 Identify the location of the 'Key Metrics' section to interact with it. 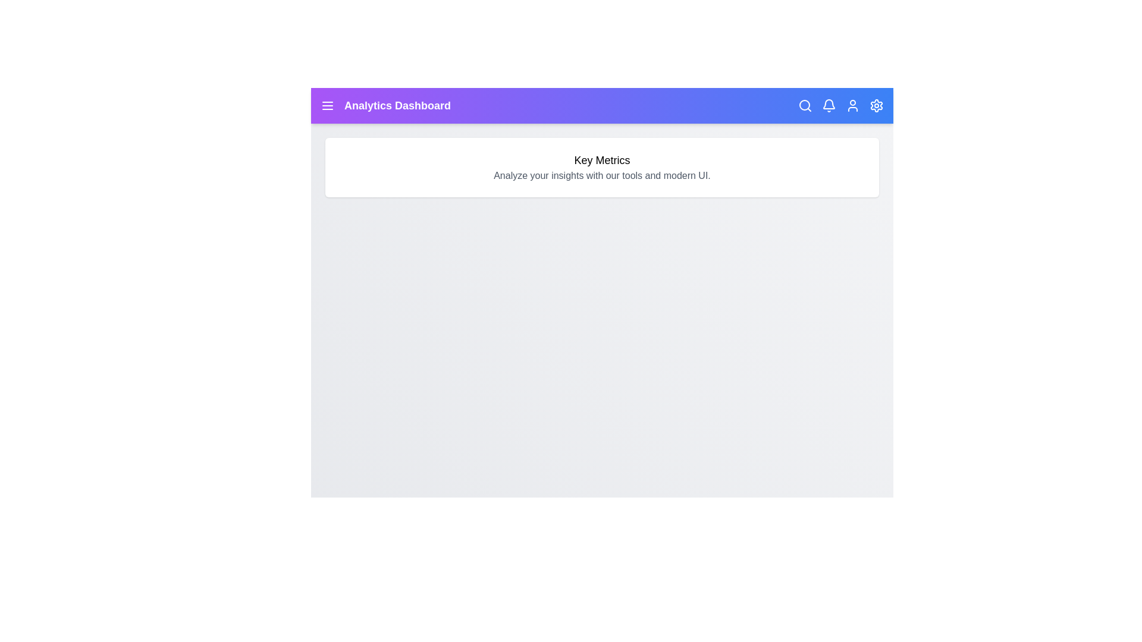
(602, 167).